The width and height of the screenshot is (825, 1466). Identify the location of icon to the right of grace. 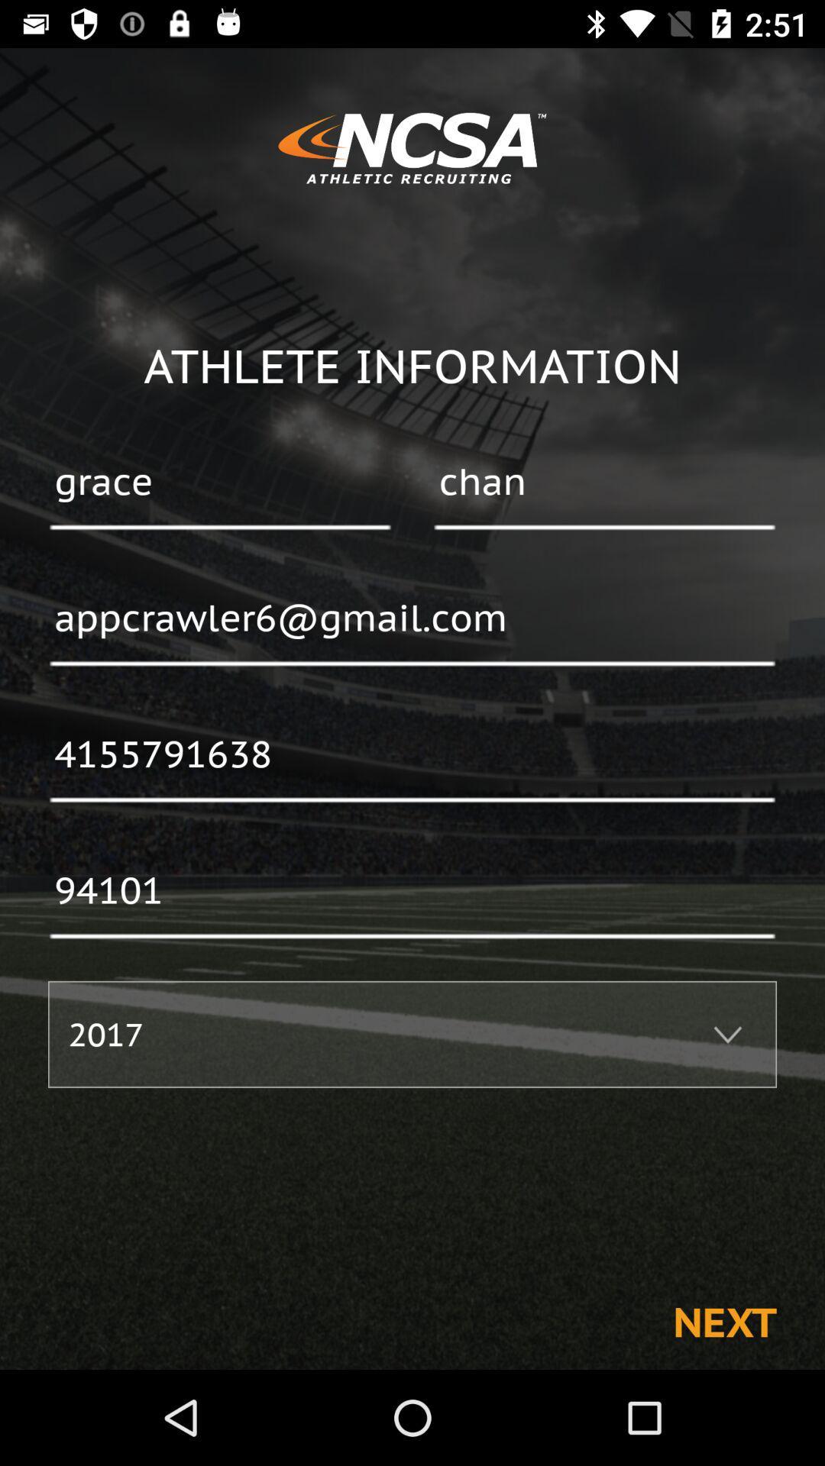
(603, 483).